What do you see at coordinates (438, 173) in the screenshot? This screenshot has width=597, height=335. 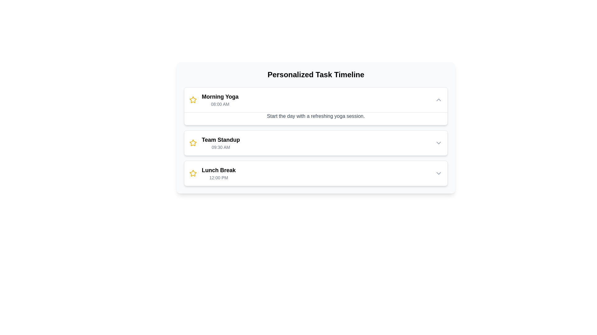 I see `the arrow icon located at the far right side of the 'Lunch Break' card` at bounding box center [438, 173].